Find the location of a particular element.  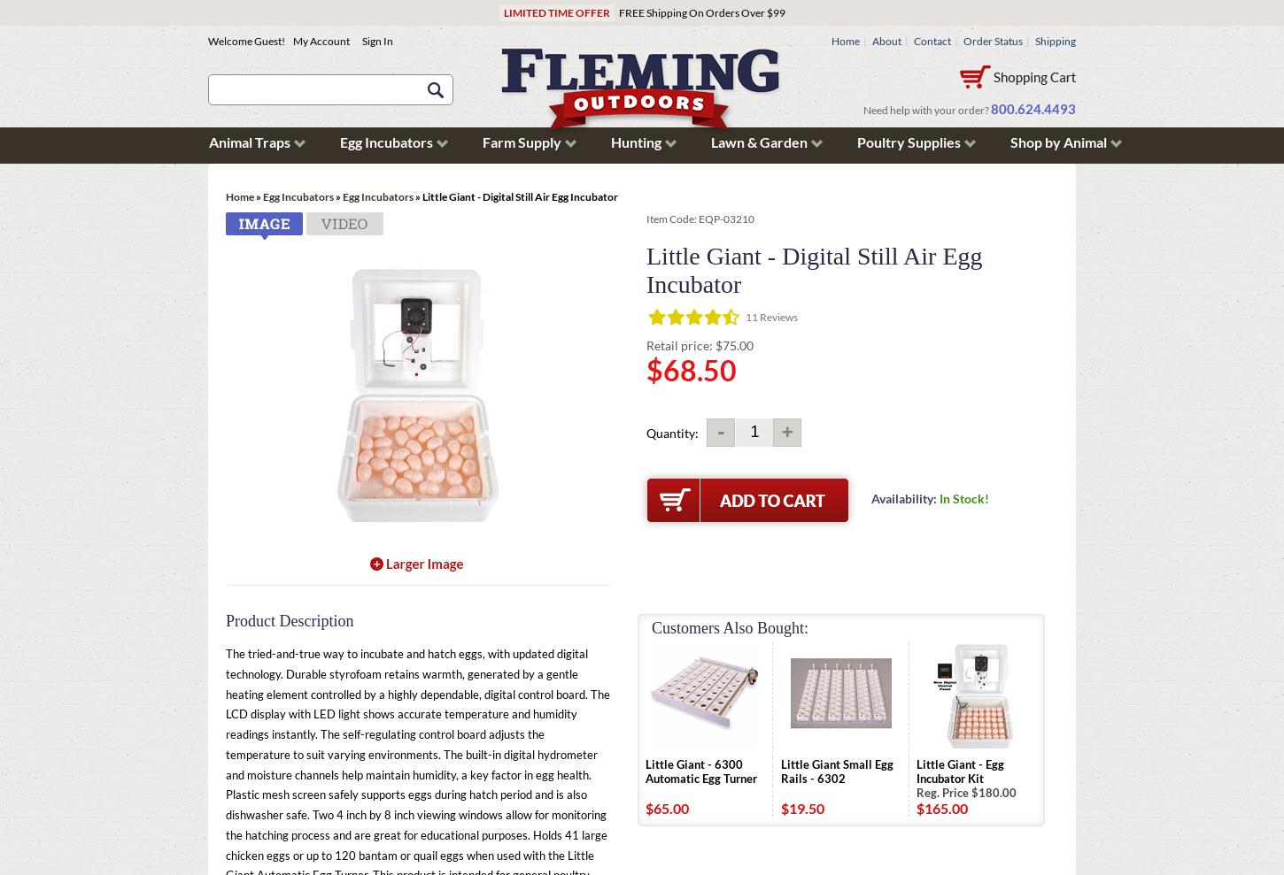

'Customers Also Bought:' is located at coordinates (730, 626).